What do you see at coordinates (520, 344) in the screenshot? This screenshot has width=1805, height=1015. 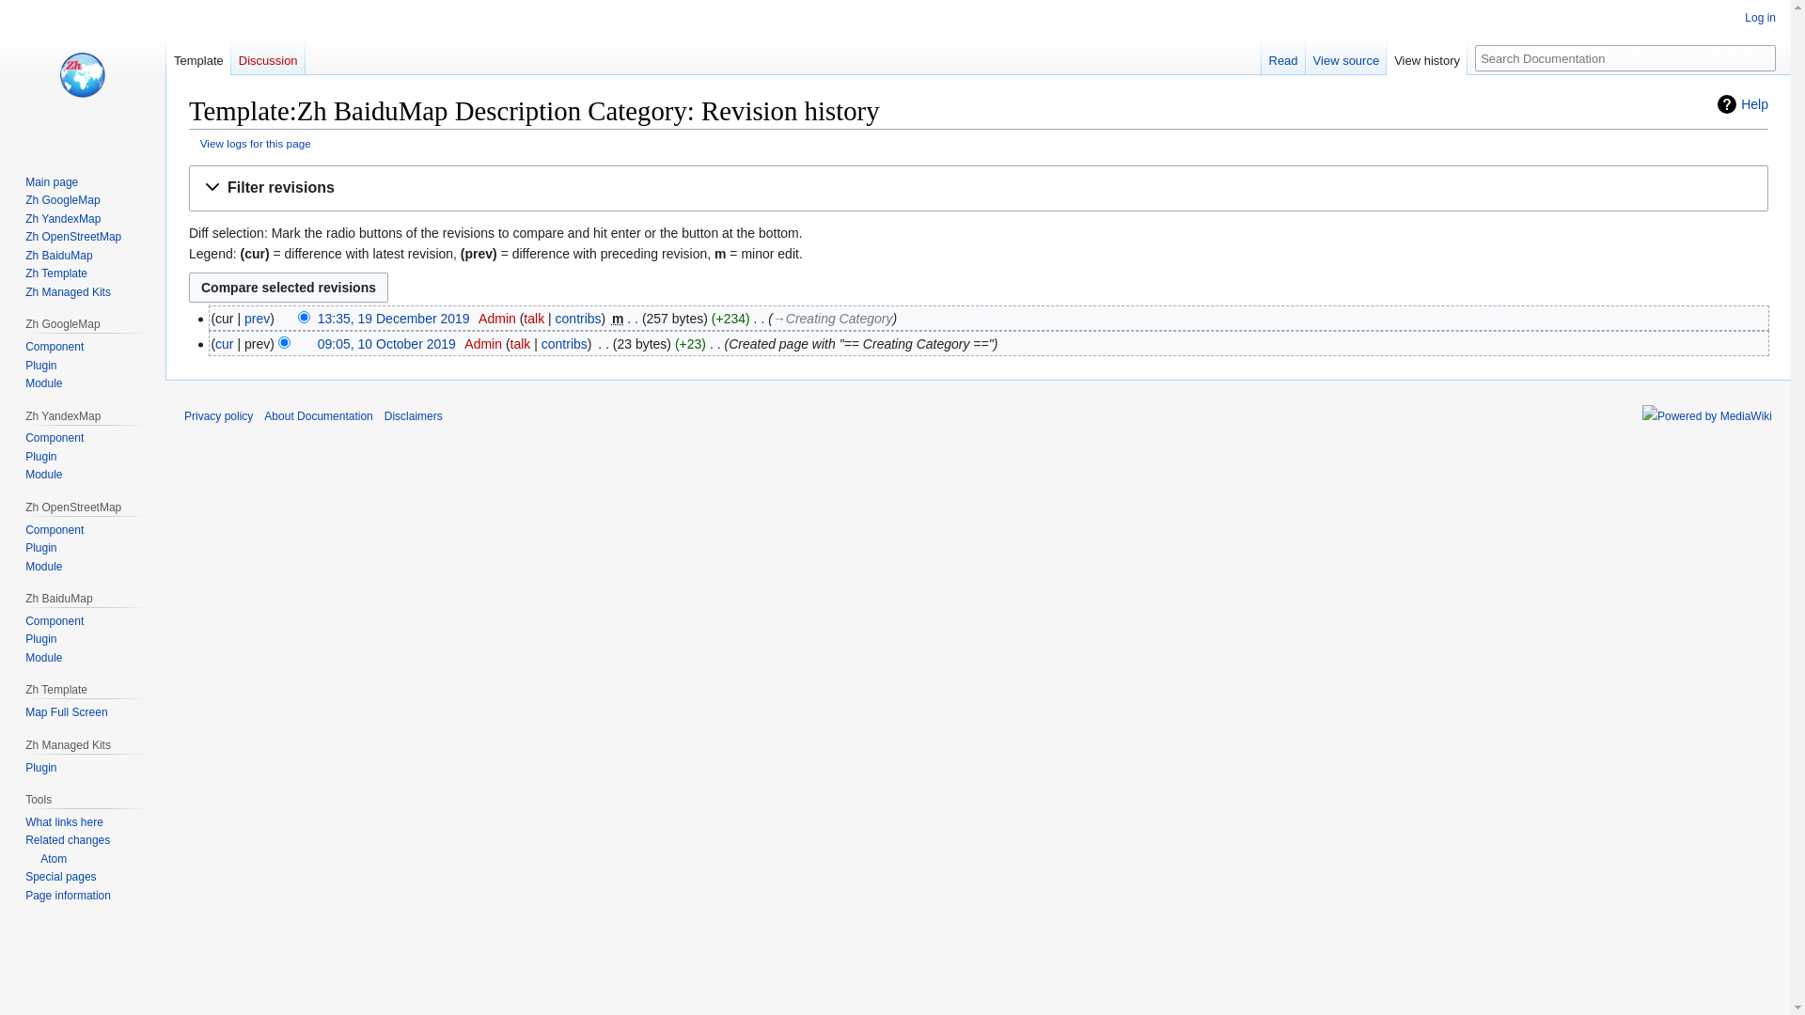 I see `'talk'` at bounding box center [520, 344].